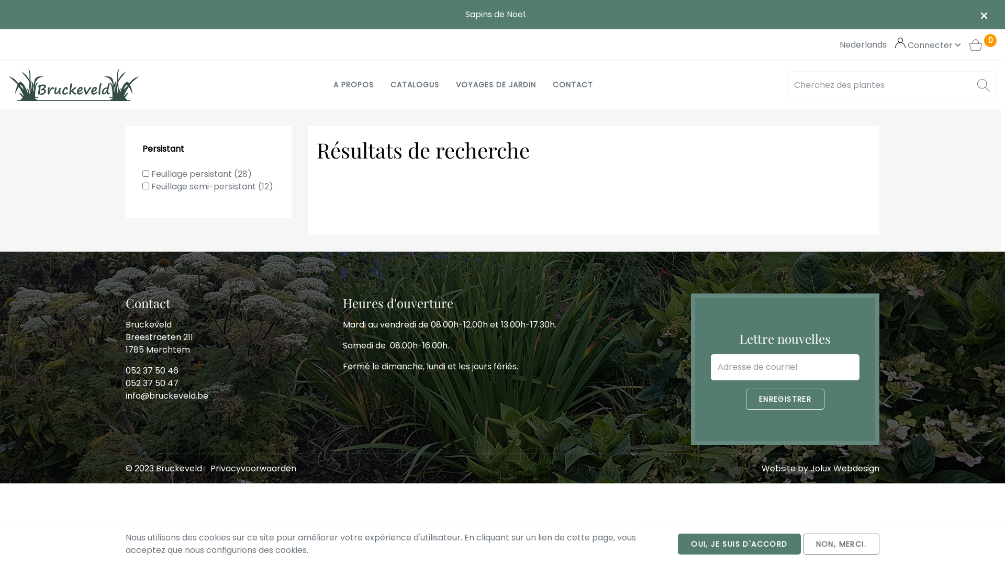 This screenshot has width=1005, height=565. Describe the element at coordinates (982, 44) in the screenshot. I see `'0'` at that location.